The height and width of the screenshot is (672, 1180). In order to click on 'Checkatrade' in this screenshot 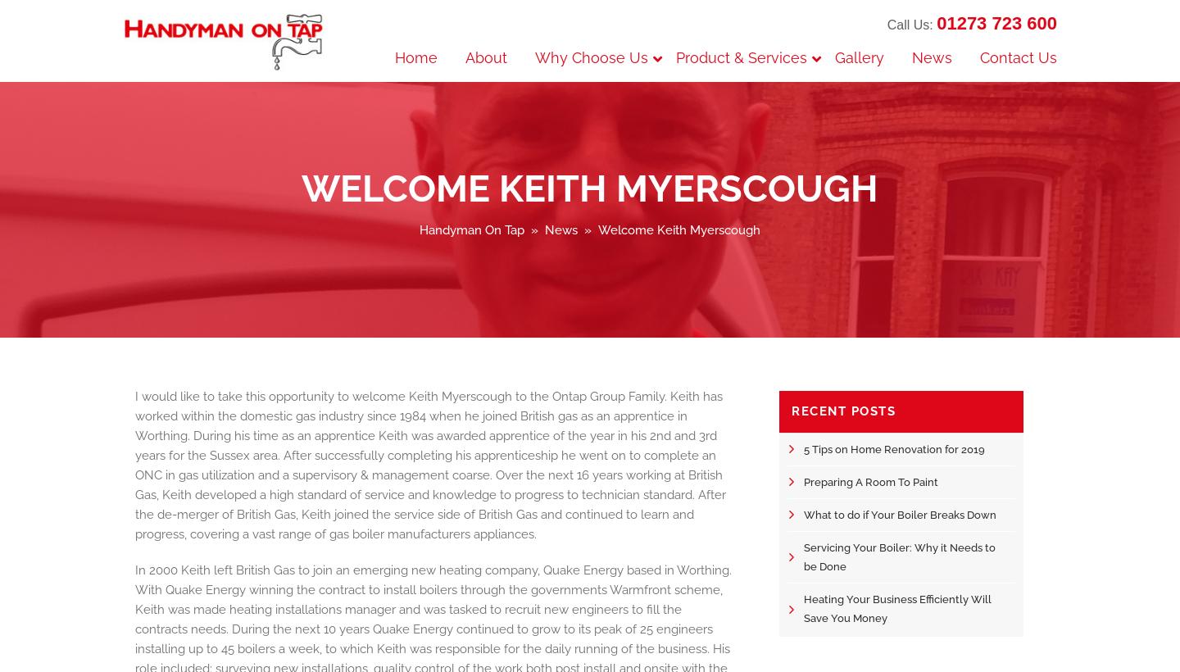, I will do `click(582, 112)`.